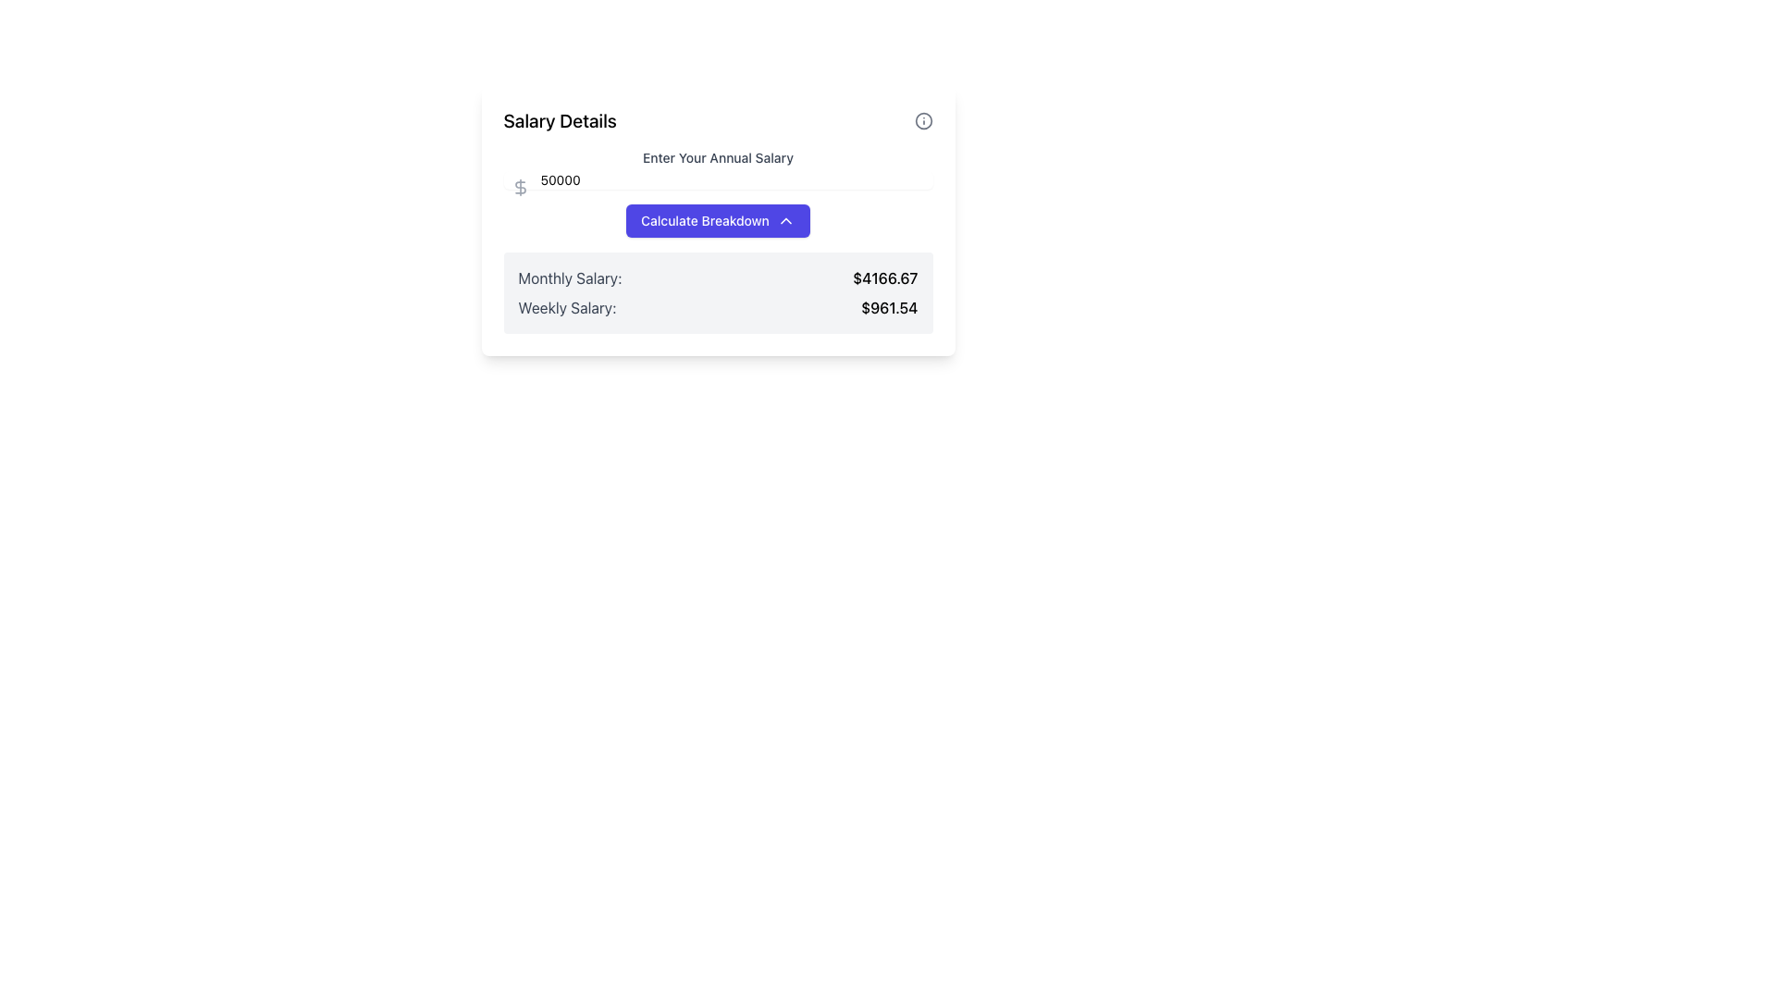  I want to click on the decorative circle element that is part of the information icon located in the upper-right corner of the 'Salary Details' card layout, so click(923, 121).